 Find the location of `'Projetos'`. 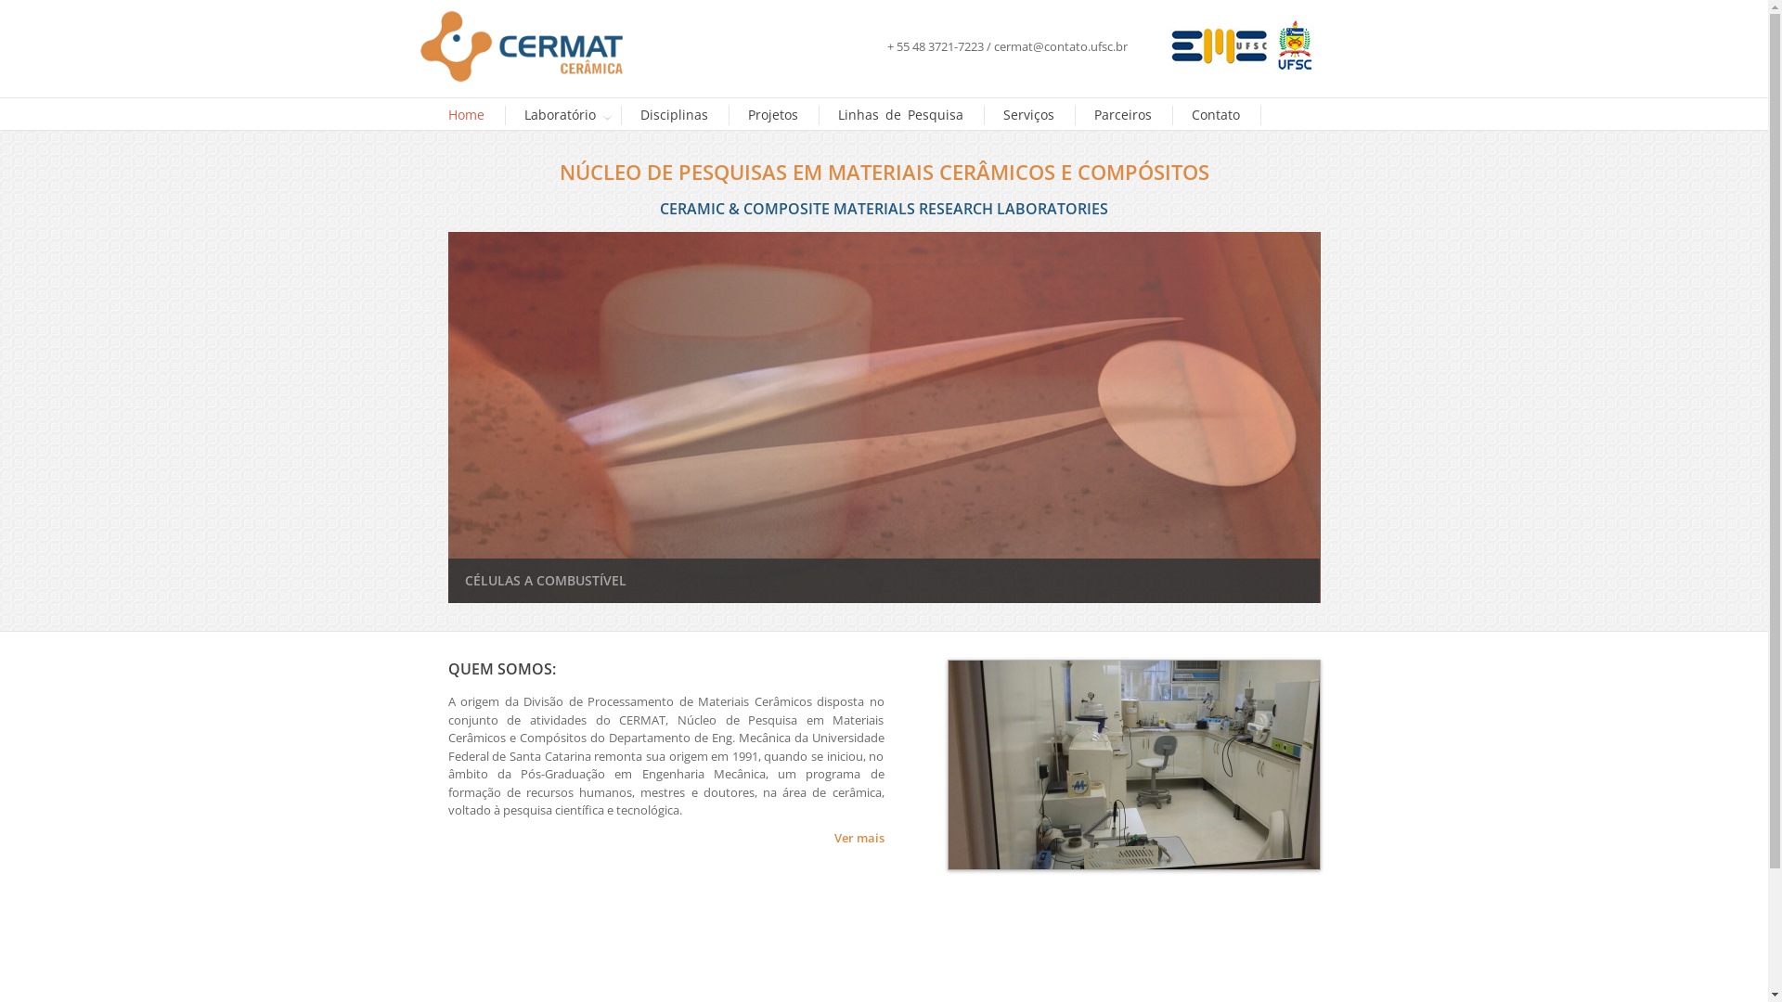

'Projetos' is located at coordinates (773, 114).